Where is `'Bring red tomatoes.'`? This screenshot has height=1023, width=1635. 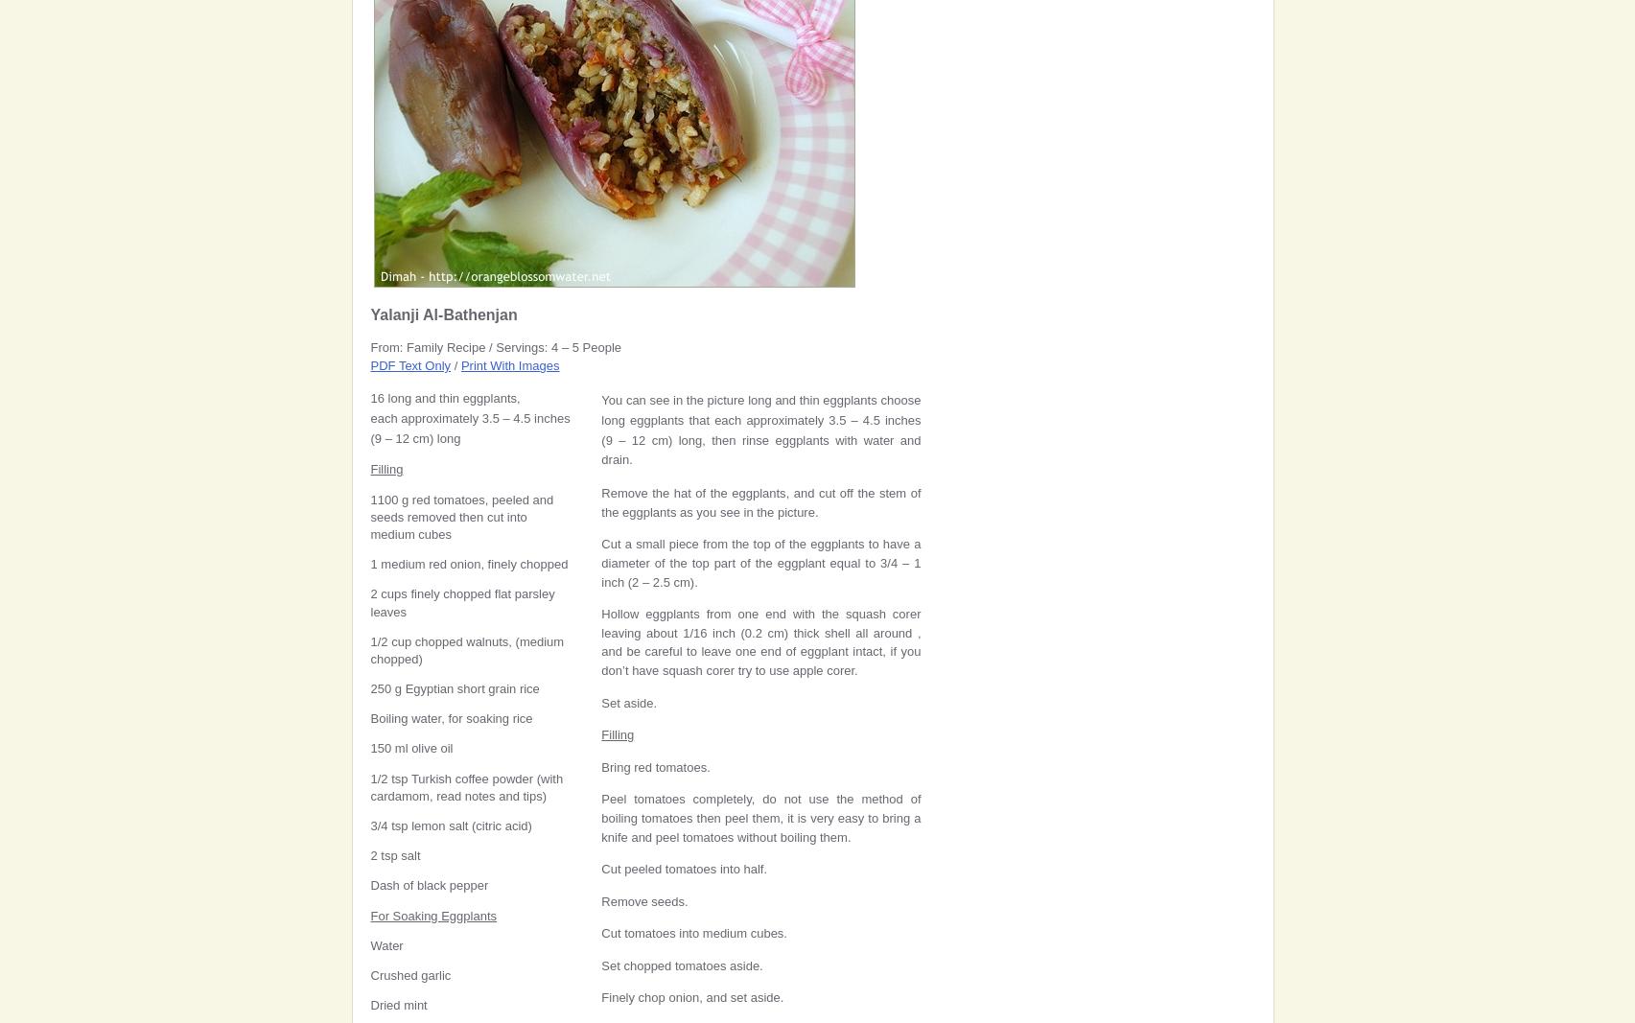 'Bring red tomatoes.' is located at coordinates (600, 765).